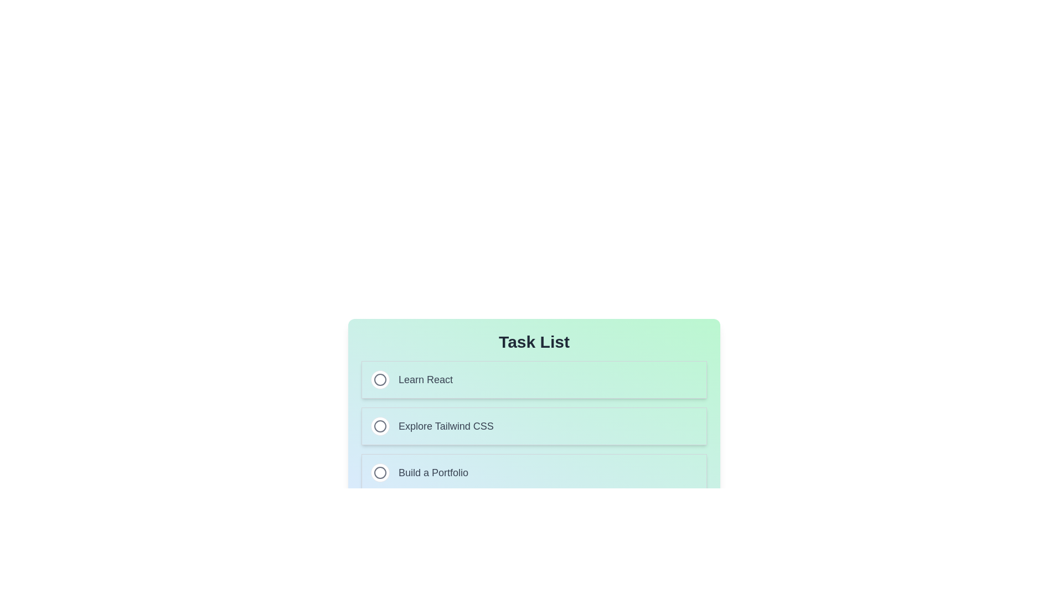 Image resolution: width=1063 pixels, height=598 pixels. What do you see at coordinates (380, 379) in the screenshot?
I see `the circular radio button located to the left of the 'Learn React' list item` at bounding box center [380, 379].